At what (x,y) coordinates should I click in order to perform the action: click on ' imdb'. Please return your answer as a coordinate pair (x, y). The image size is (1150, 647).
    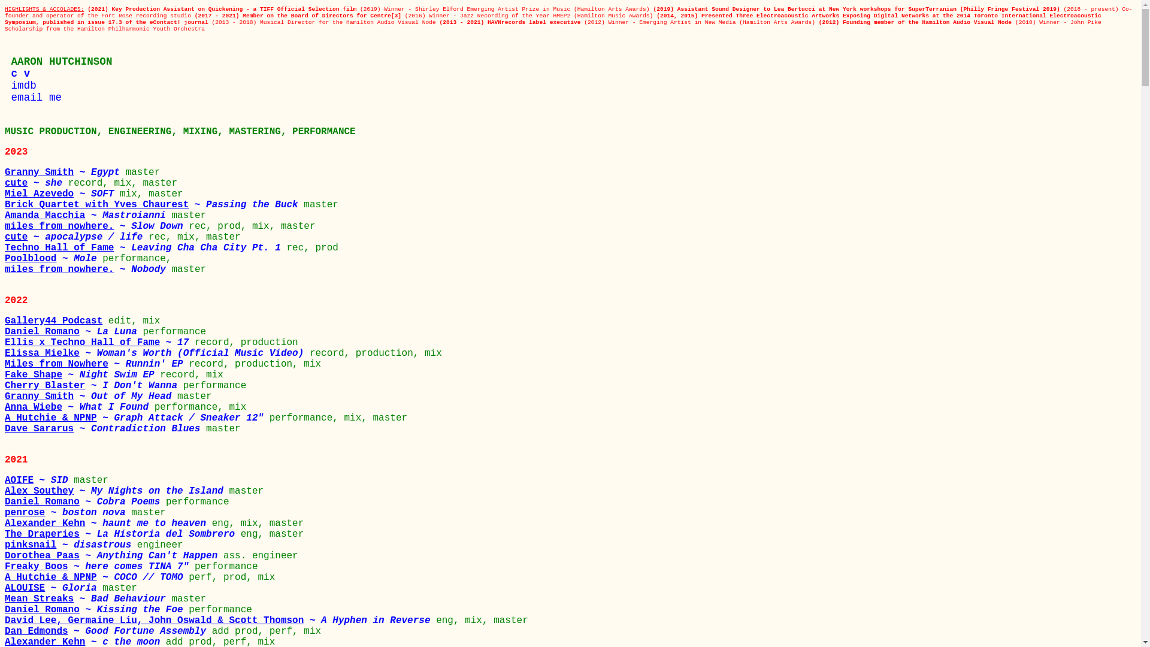
    Looking at the image, I should click on (5, 84).